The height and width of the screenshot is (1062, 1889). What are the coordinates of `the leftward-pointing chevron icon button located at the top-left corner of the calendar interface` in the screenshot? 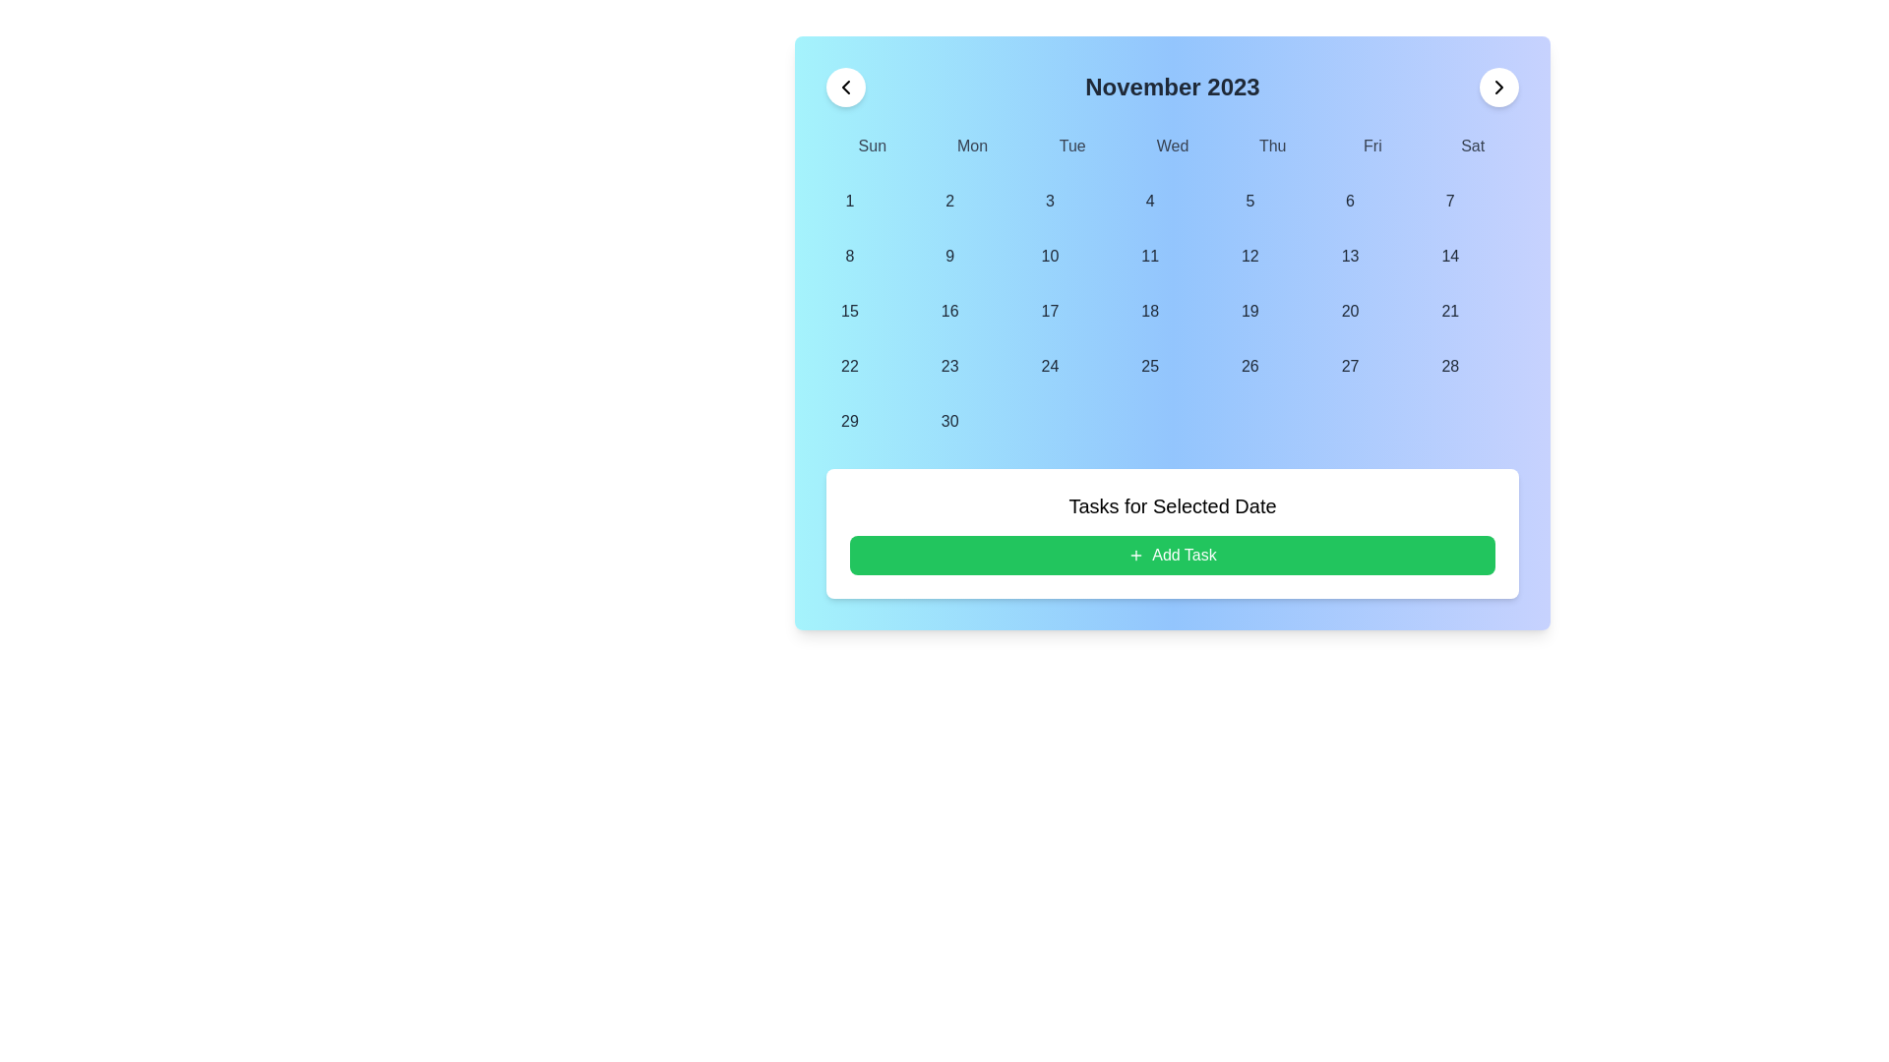 It's located at (845, 86).